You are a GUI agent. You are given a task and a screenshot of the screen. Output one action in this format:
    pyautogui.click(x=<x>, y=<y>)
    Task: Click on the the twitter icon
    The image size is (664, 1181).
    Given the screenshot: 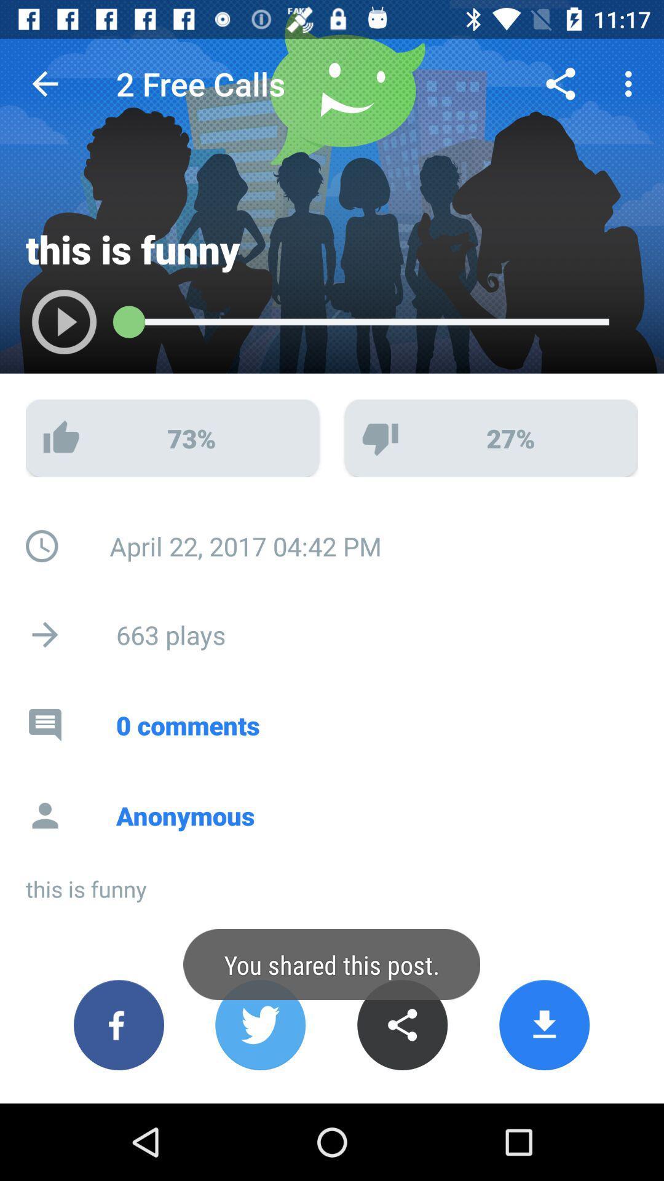 What is the action you would take?
    pyautogui.click(x=259, y=1025)
    